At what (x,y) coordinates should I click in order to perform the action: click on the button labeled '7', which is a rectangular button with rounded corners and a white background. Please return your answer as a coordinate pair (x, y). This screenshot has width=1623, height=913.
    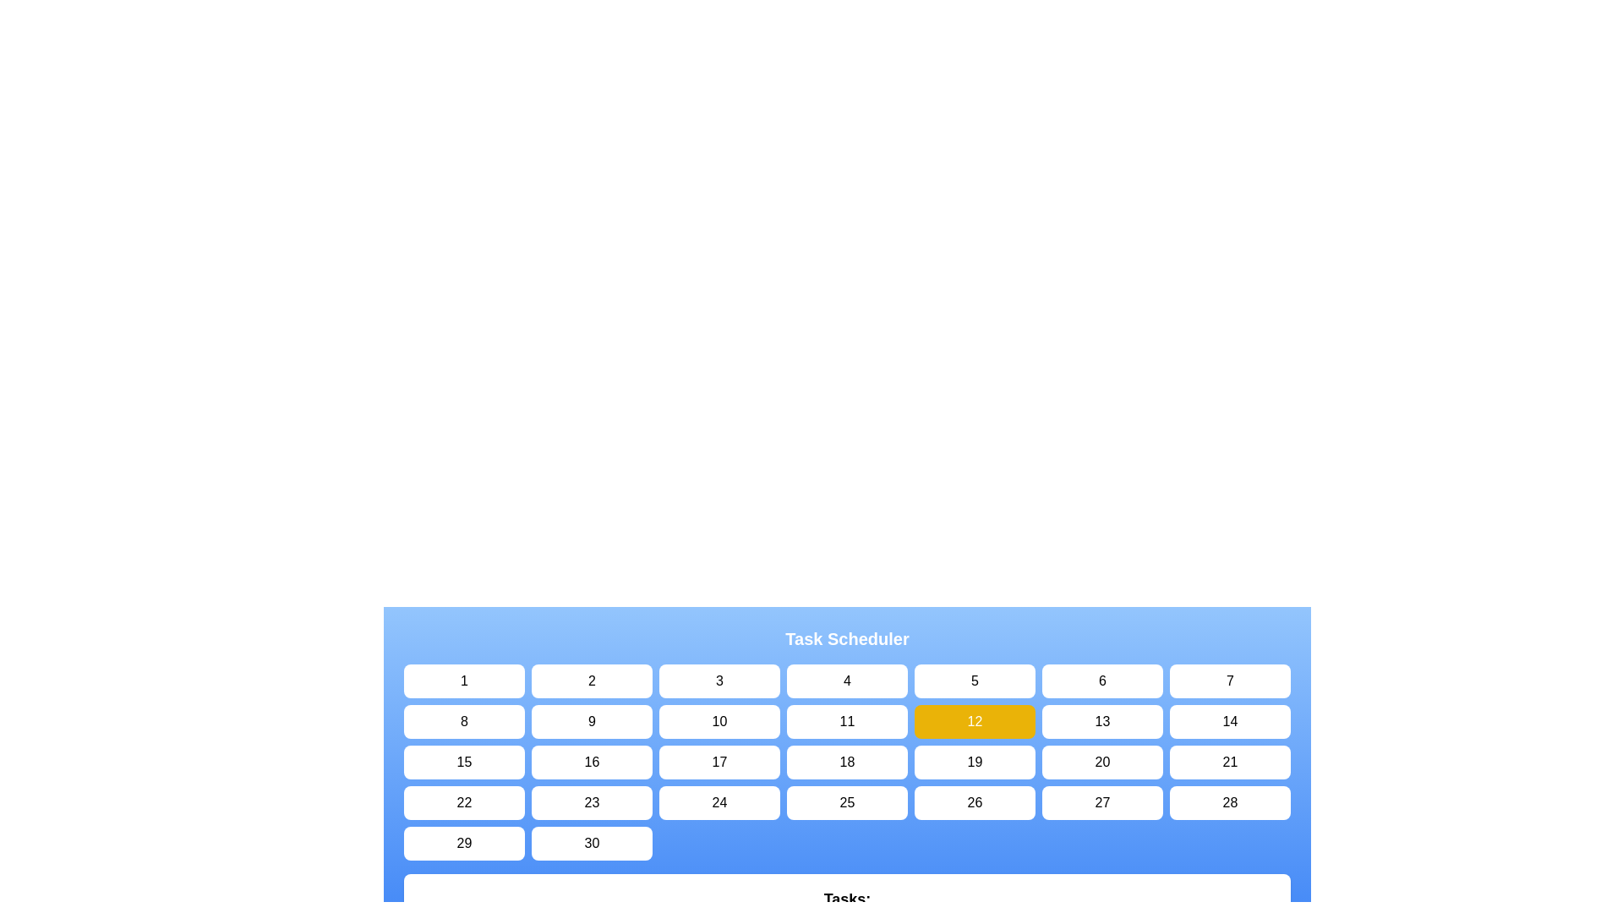
    Looking at the image, I should click on (1230, 681).